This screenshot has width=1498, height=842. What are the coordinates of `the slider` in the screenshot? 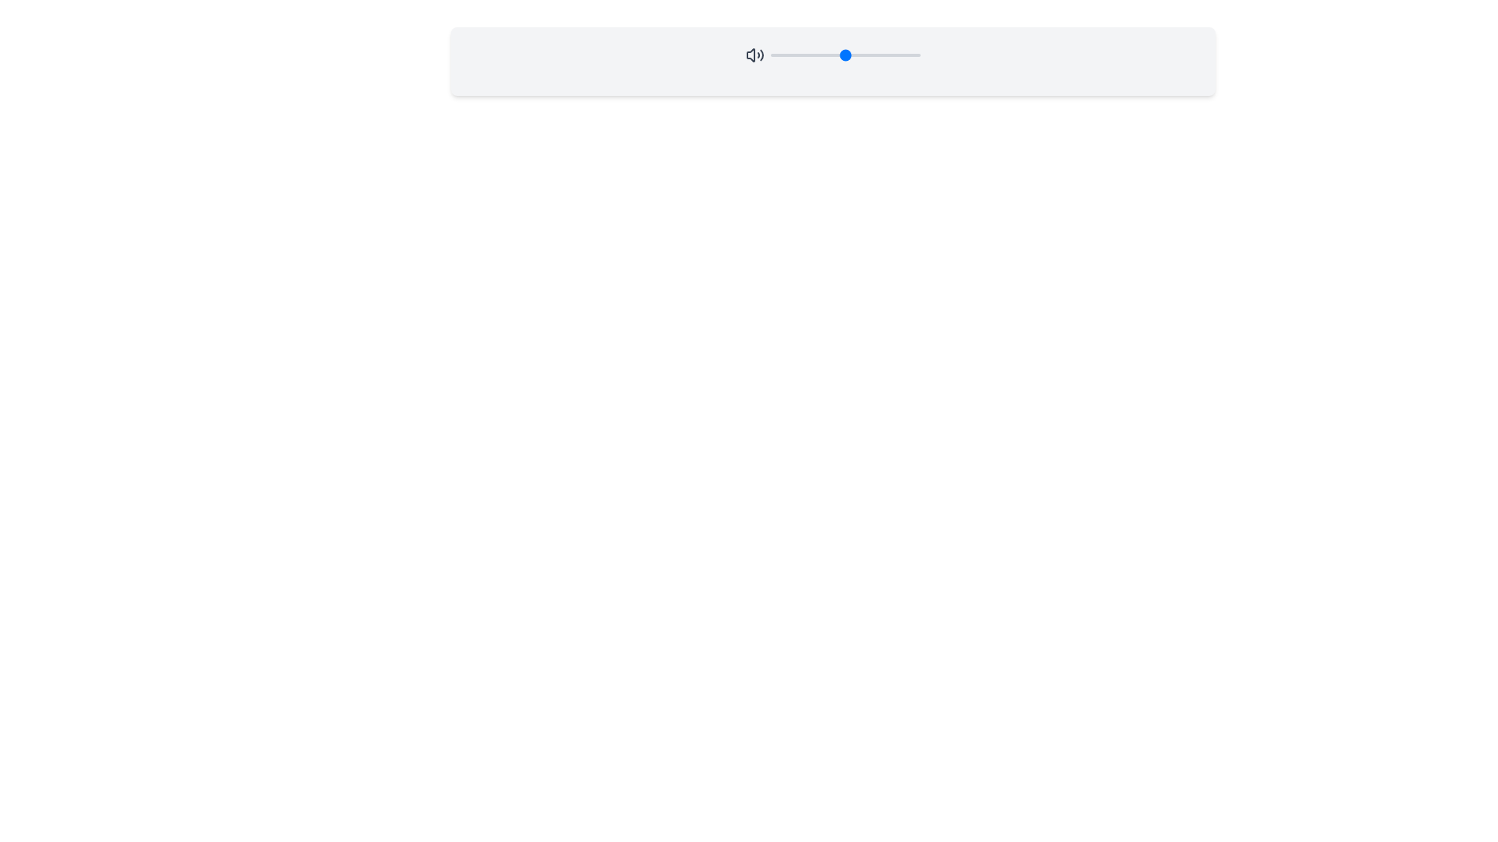 It's located at (849, 54).